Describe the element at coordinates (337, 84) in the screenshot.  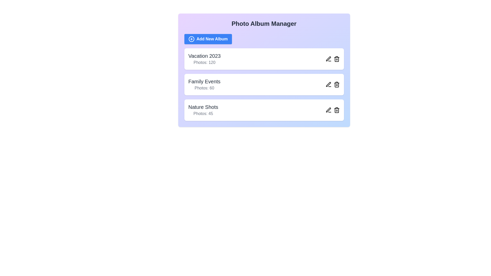
I see `delete button for the album titled Family Events` at that location.